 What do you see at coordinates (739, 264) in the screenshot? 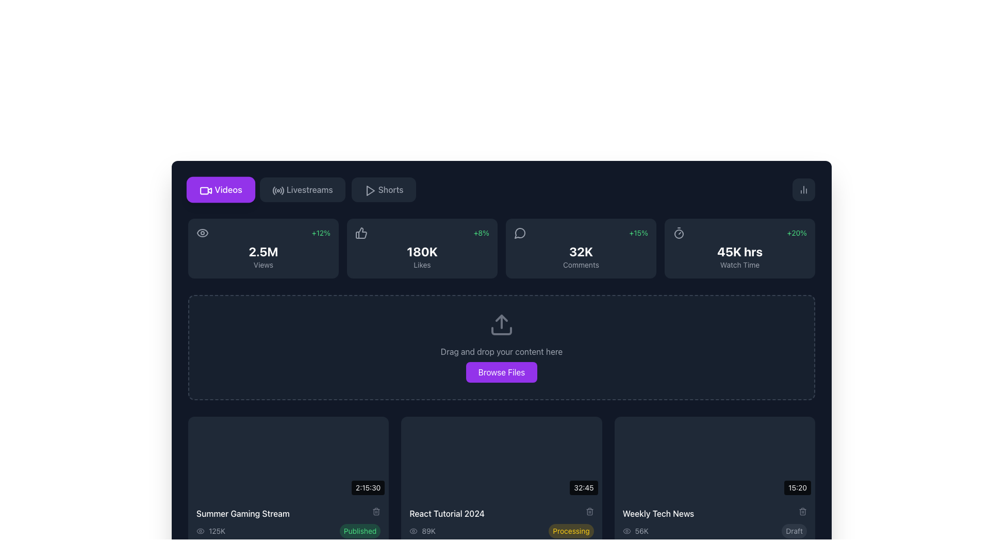
I see `the 'Watch Time' text label located directly below the '45K hrs' label in the top-right segment of the interface` at bounding box center [739, 264].